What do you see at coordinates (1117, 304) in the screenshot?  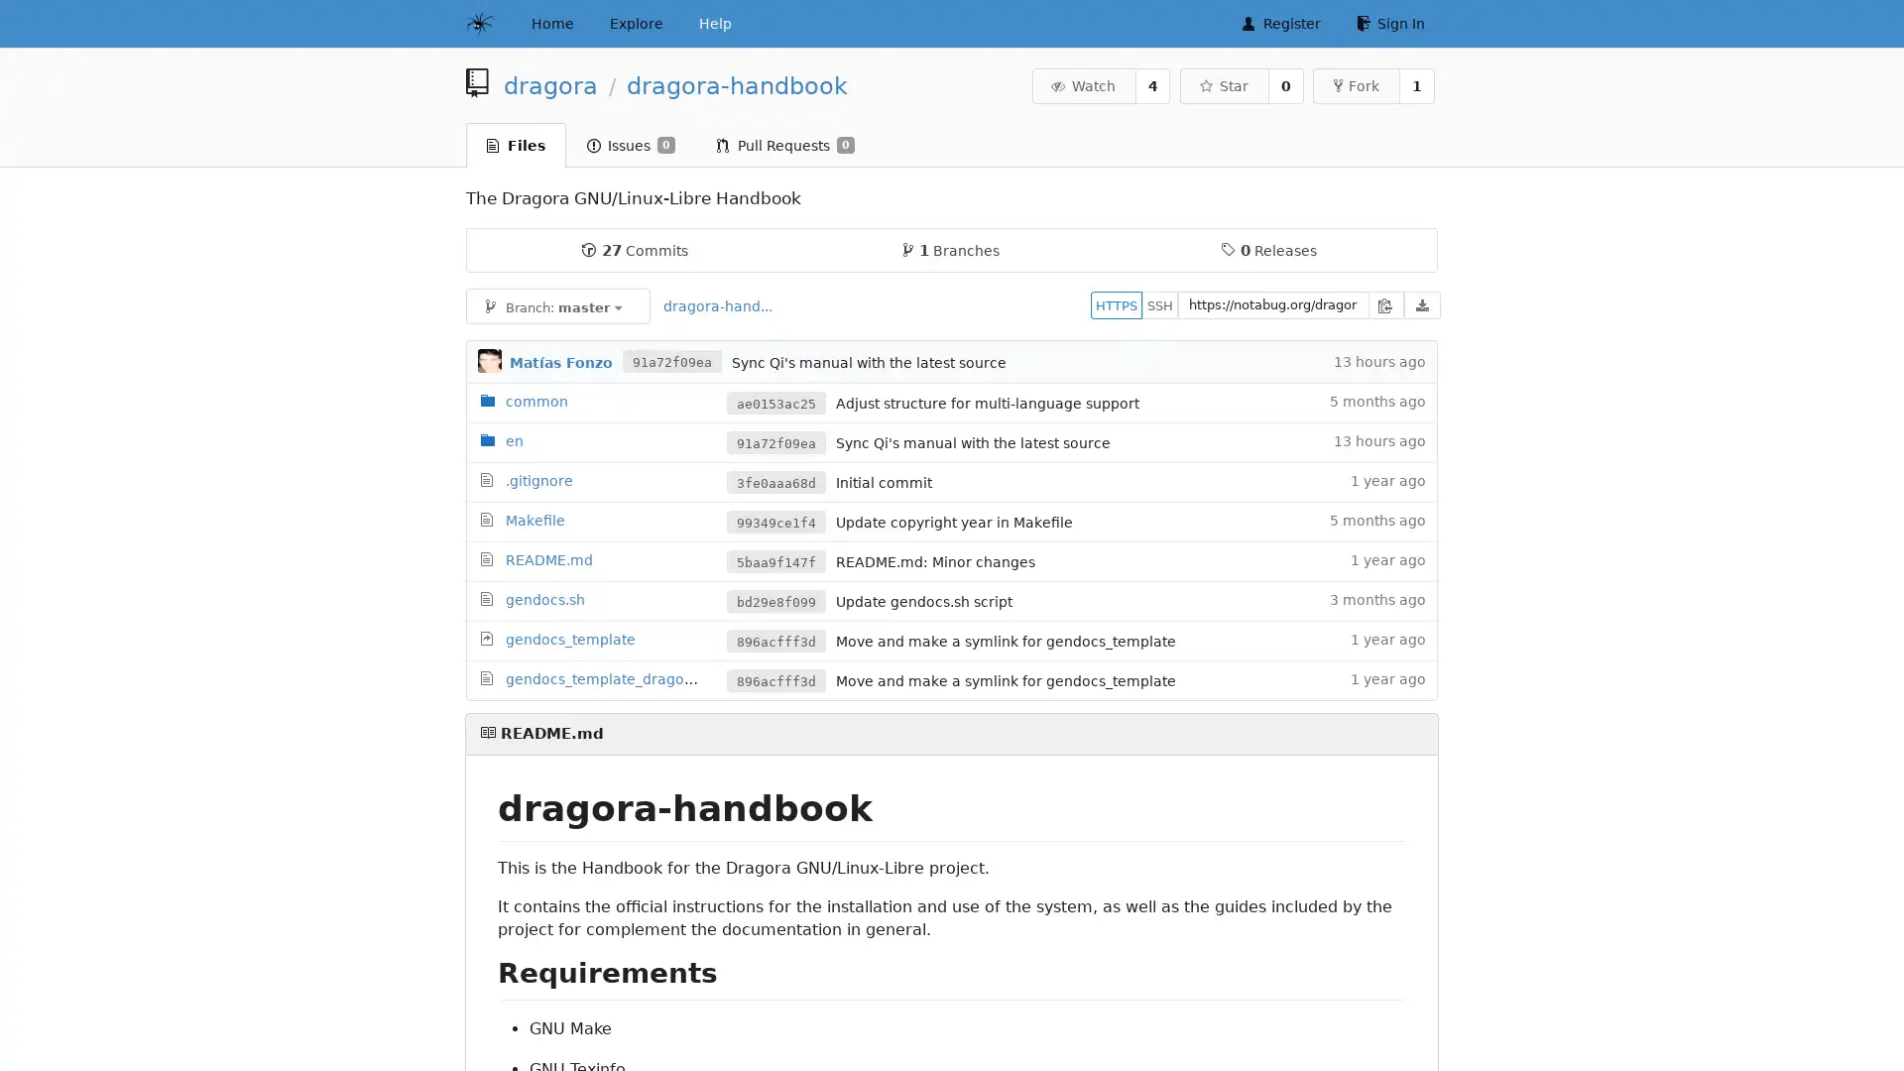 I see `HTTPS` at bounding box center [1117, 304].